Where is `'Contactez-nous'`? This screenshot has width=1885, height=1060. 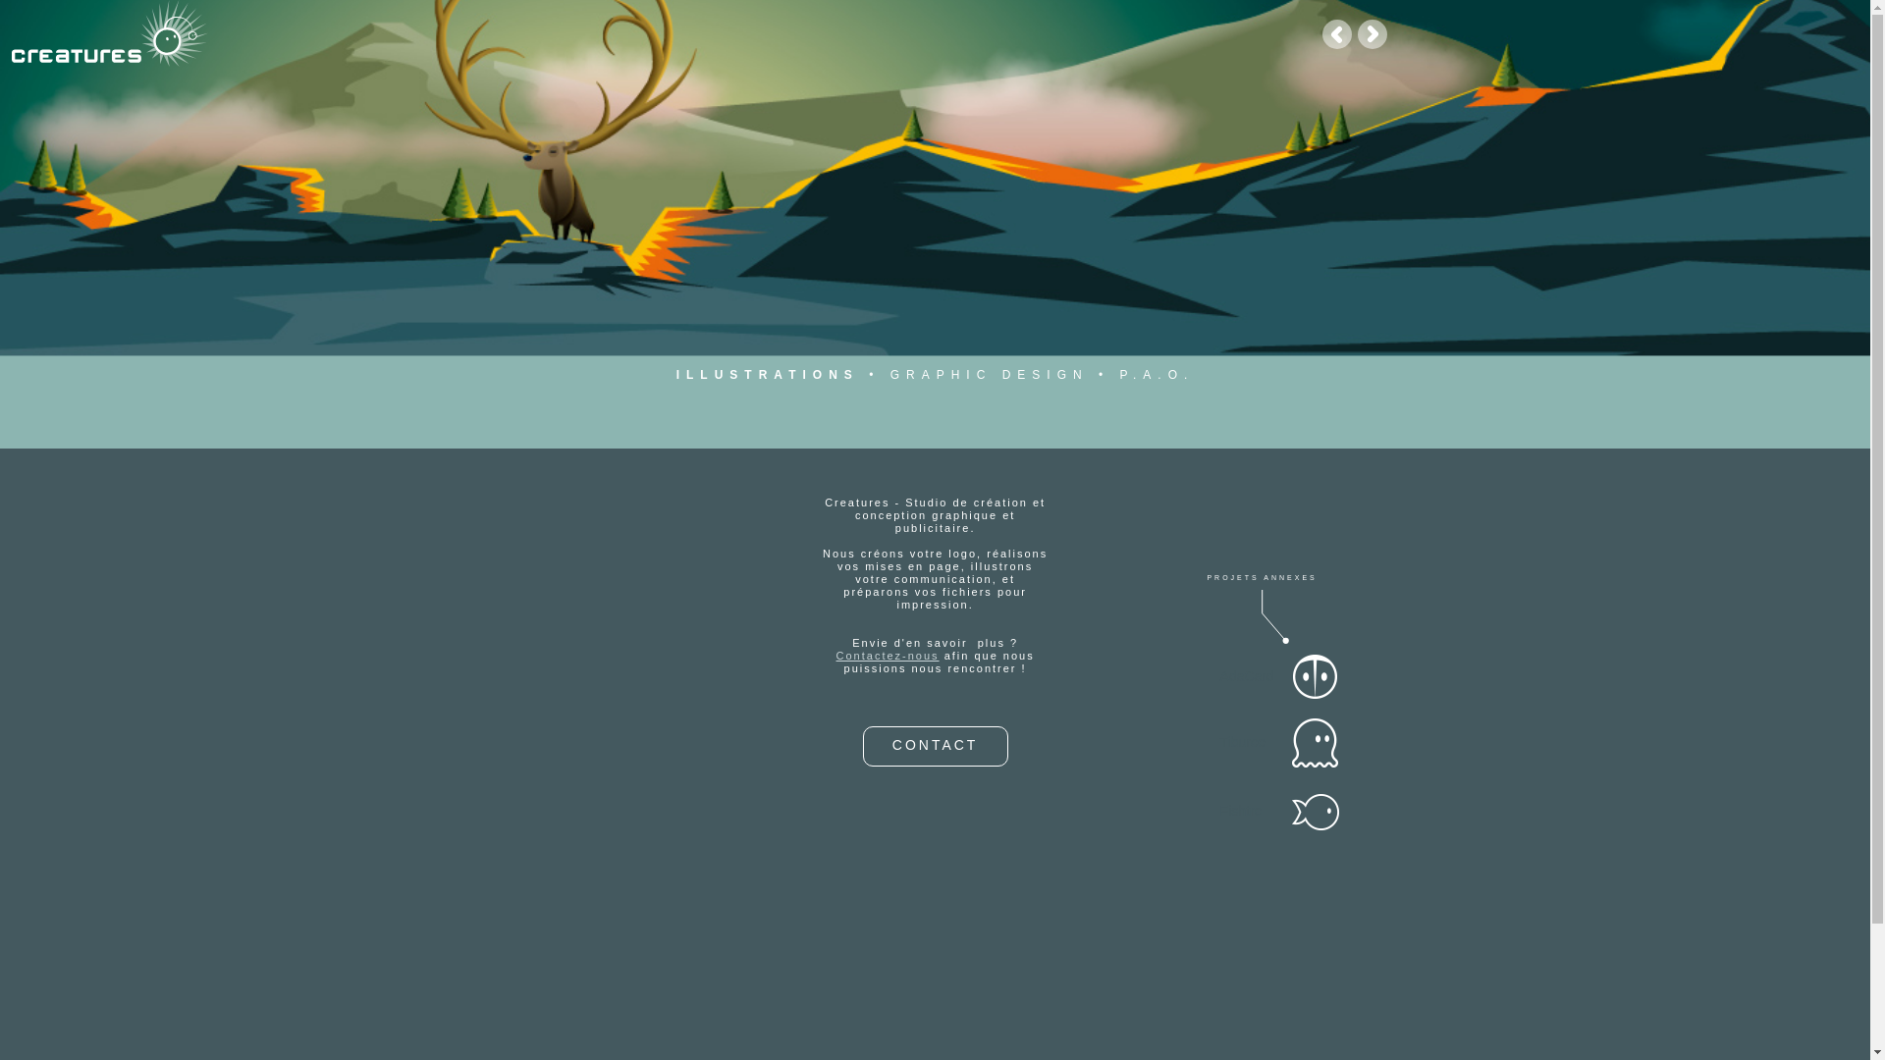 'Contactez-nous' is located at coordinates (835, 655).